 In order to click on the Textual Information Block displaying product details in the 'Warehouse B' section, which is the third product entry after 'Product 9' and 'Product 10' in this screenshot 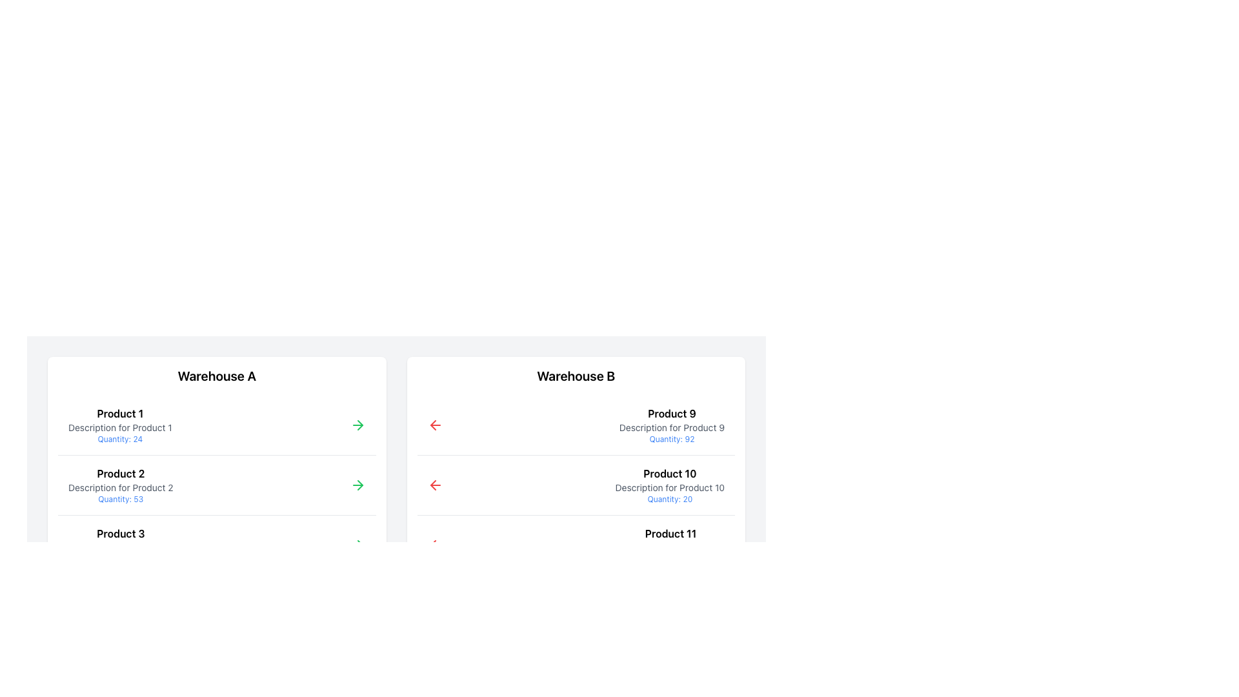, I will do `click(670, 545)`.